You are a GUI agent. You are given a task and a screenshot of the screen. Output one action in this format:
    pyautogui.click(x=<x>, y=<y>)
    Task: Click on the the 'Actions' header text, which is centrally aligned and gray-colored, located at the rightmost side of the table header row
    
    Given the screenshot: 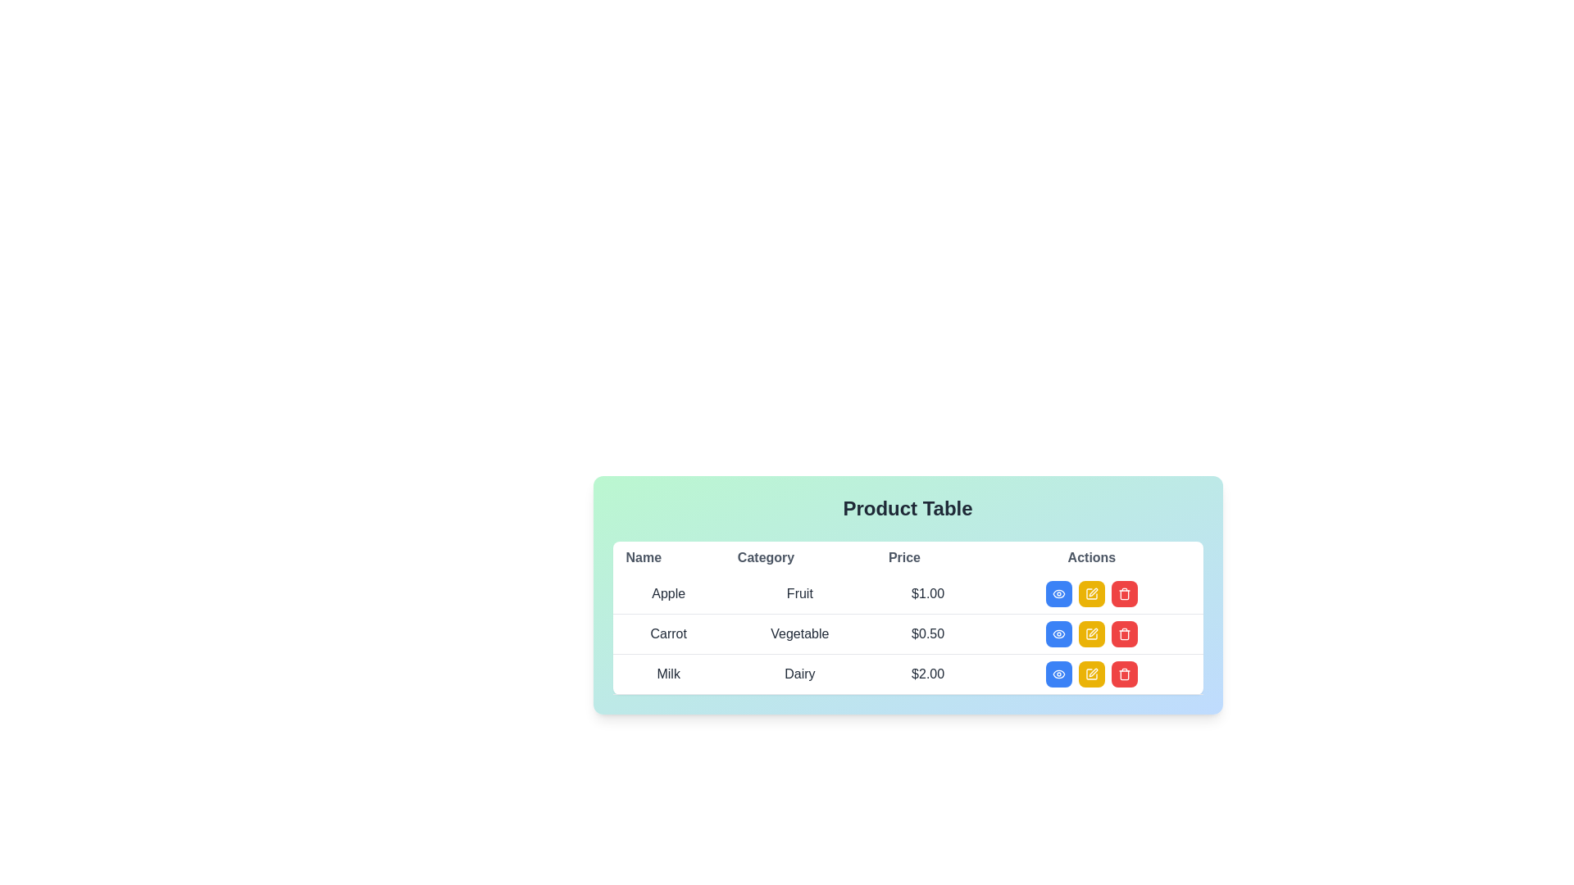 What is the action you would take?
    pyautogui.click(x=1091, y=557)
    